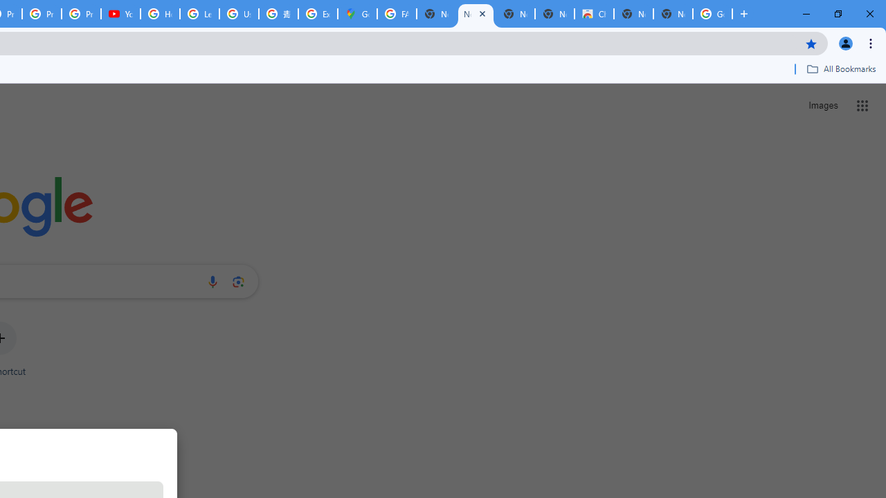  I want to click on 'How Chrome protects your passwords - Google Chrome Help', so click(160, 14).